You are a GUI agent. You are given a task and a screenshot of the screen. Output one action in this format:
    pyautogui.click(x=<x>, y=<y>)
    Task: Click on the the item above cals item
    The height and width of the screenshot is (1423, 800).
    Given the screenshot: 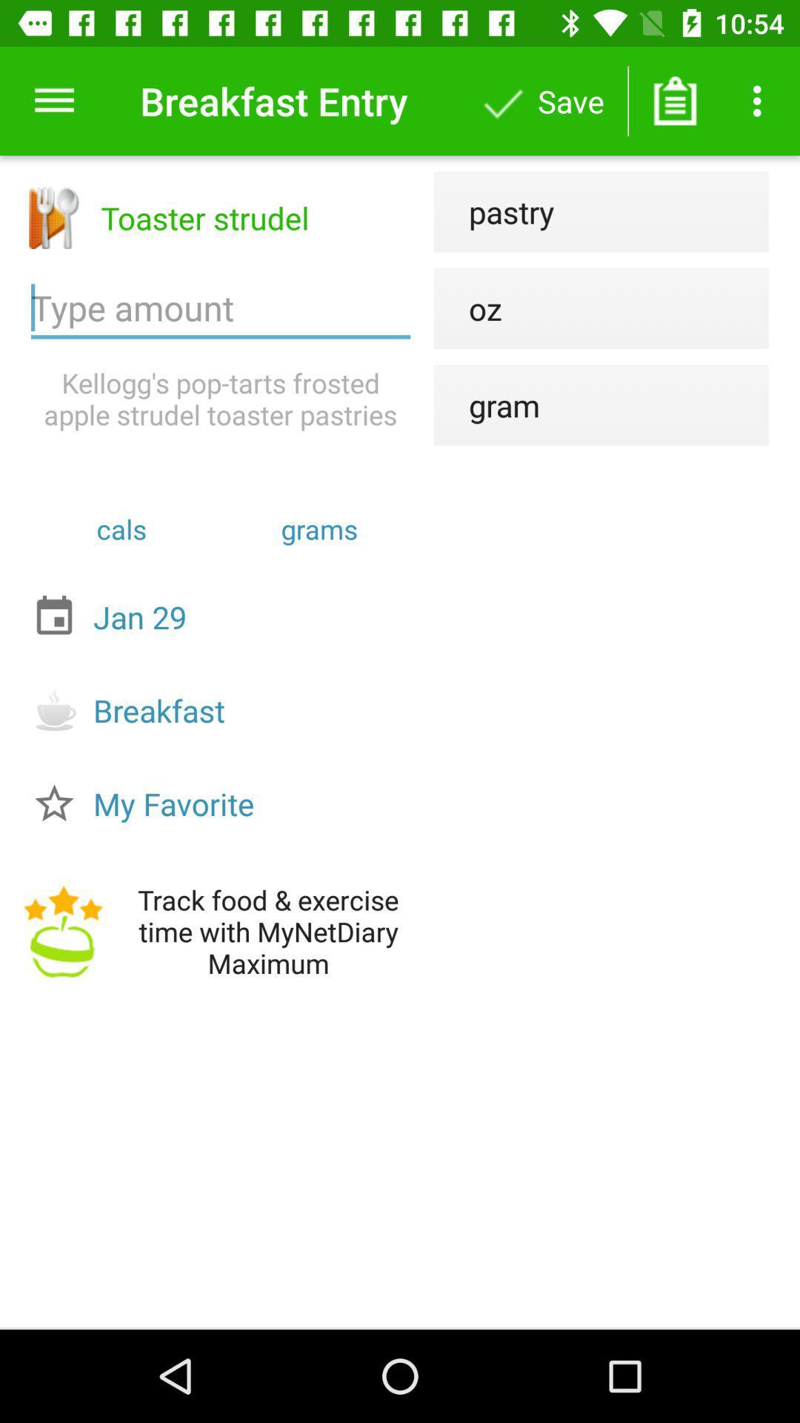 What is the action you would take?
    pyautogui.click(x=221, y=399)
    